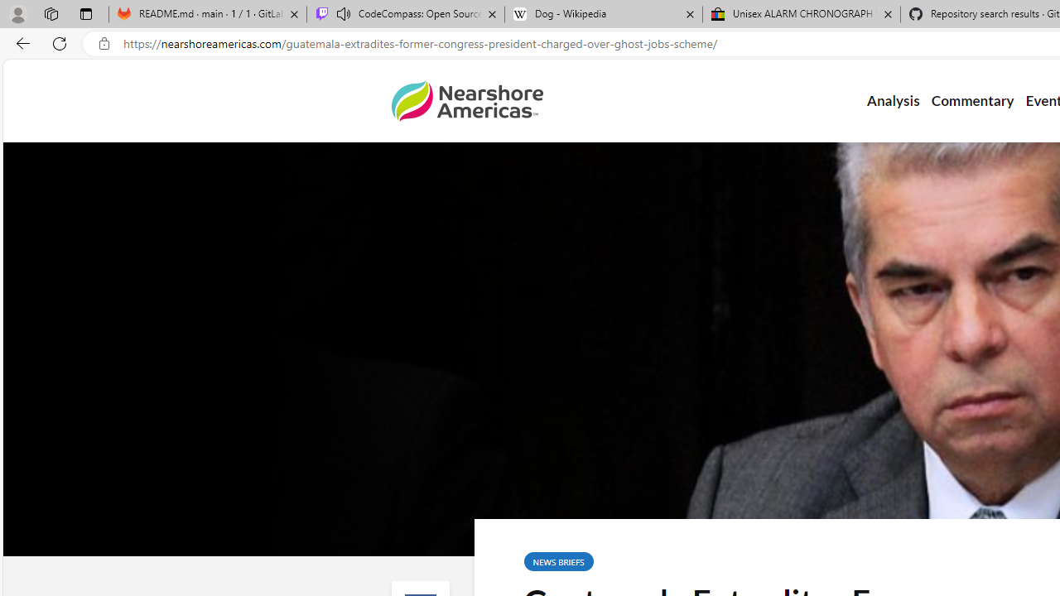 Image resolution: width=1060 pixels, height=596 pixels. I want to click on 'Analysis', so click(892, 101).